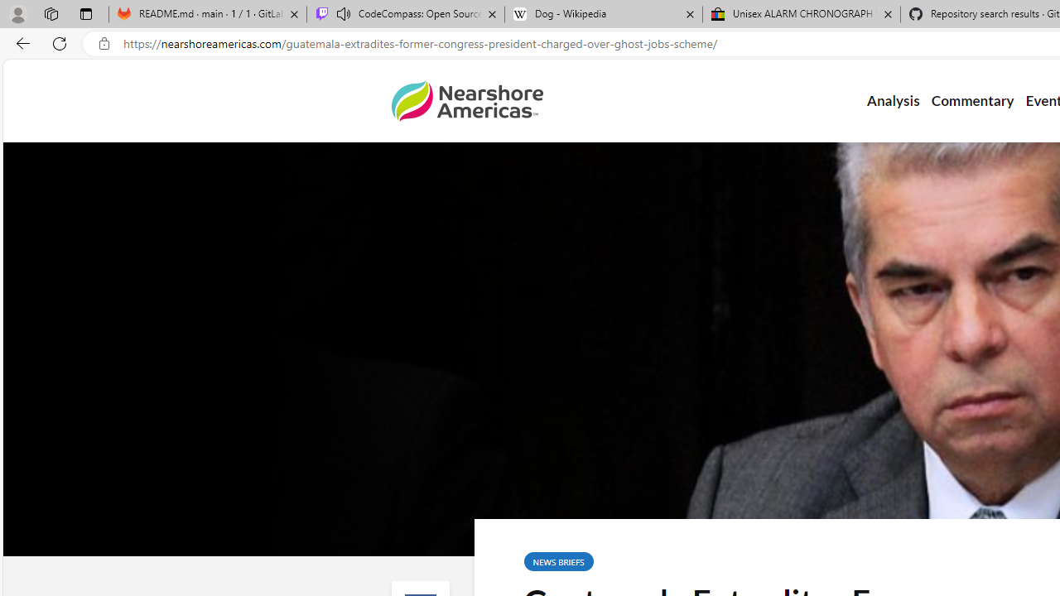 Image resolution: width=1060 pixels, height=596 pixels. I want to click on 'Analysis', so click(892, 101).